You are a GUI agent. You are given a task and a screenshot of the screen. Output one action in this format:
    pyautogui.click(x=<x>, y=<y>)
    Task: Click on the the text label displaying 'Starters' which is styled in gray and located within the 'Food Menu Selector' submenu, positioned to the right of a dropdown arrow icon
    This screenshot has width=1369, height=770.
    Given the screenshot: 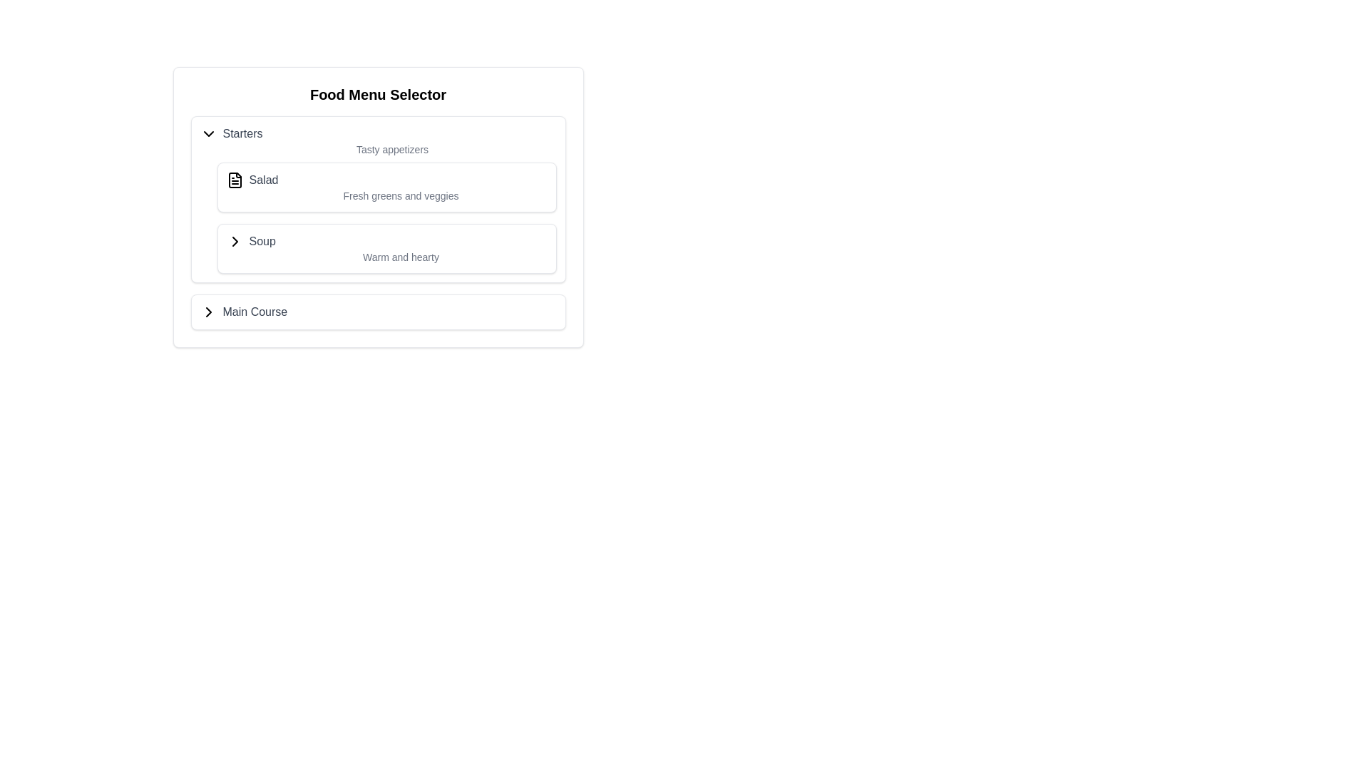 What is the action you would take?
    pyautogui.click(x=242, y=134)
    